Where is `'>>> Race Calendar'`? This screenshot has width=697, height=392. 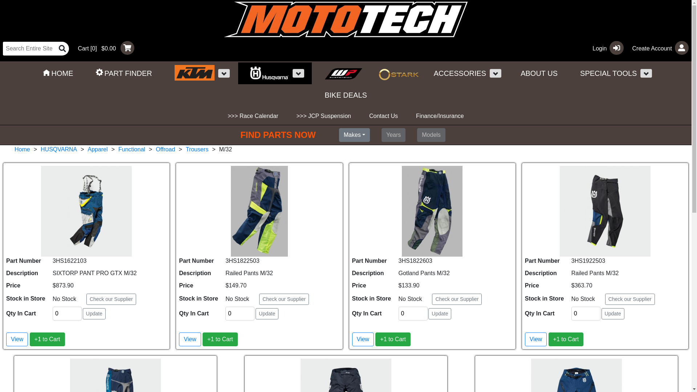
'>>> Race Calendar' is located at coordinates (253, 116).